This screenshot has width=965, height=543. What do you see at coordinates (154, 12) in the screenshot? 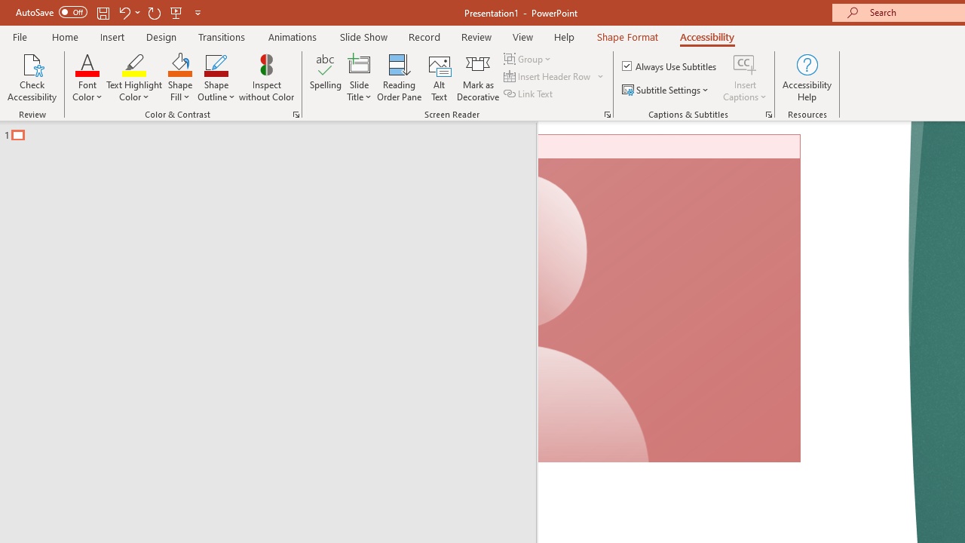
I see `'Redo'` at bounding box center [154, 12].